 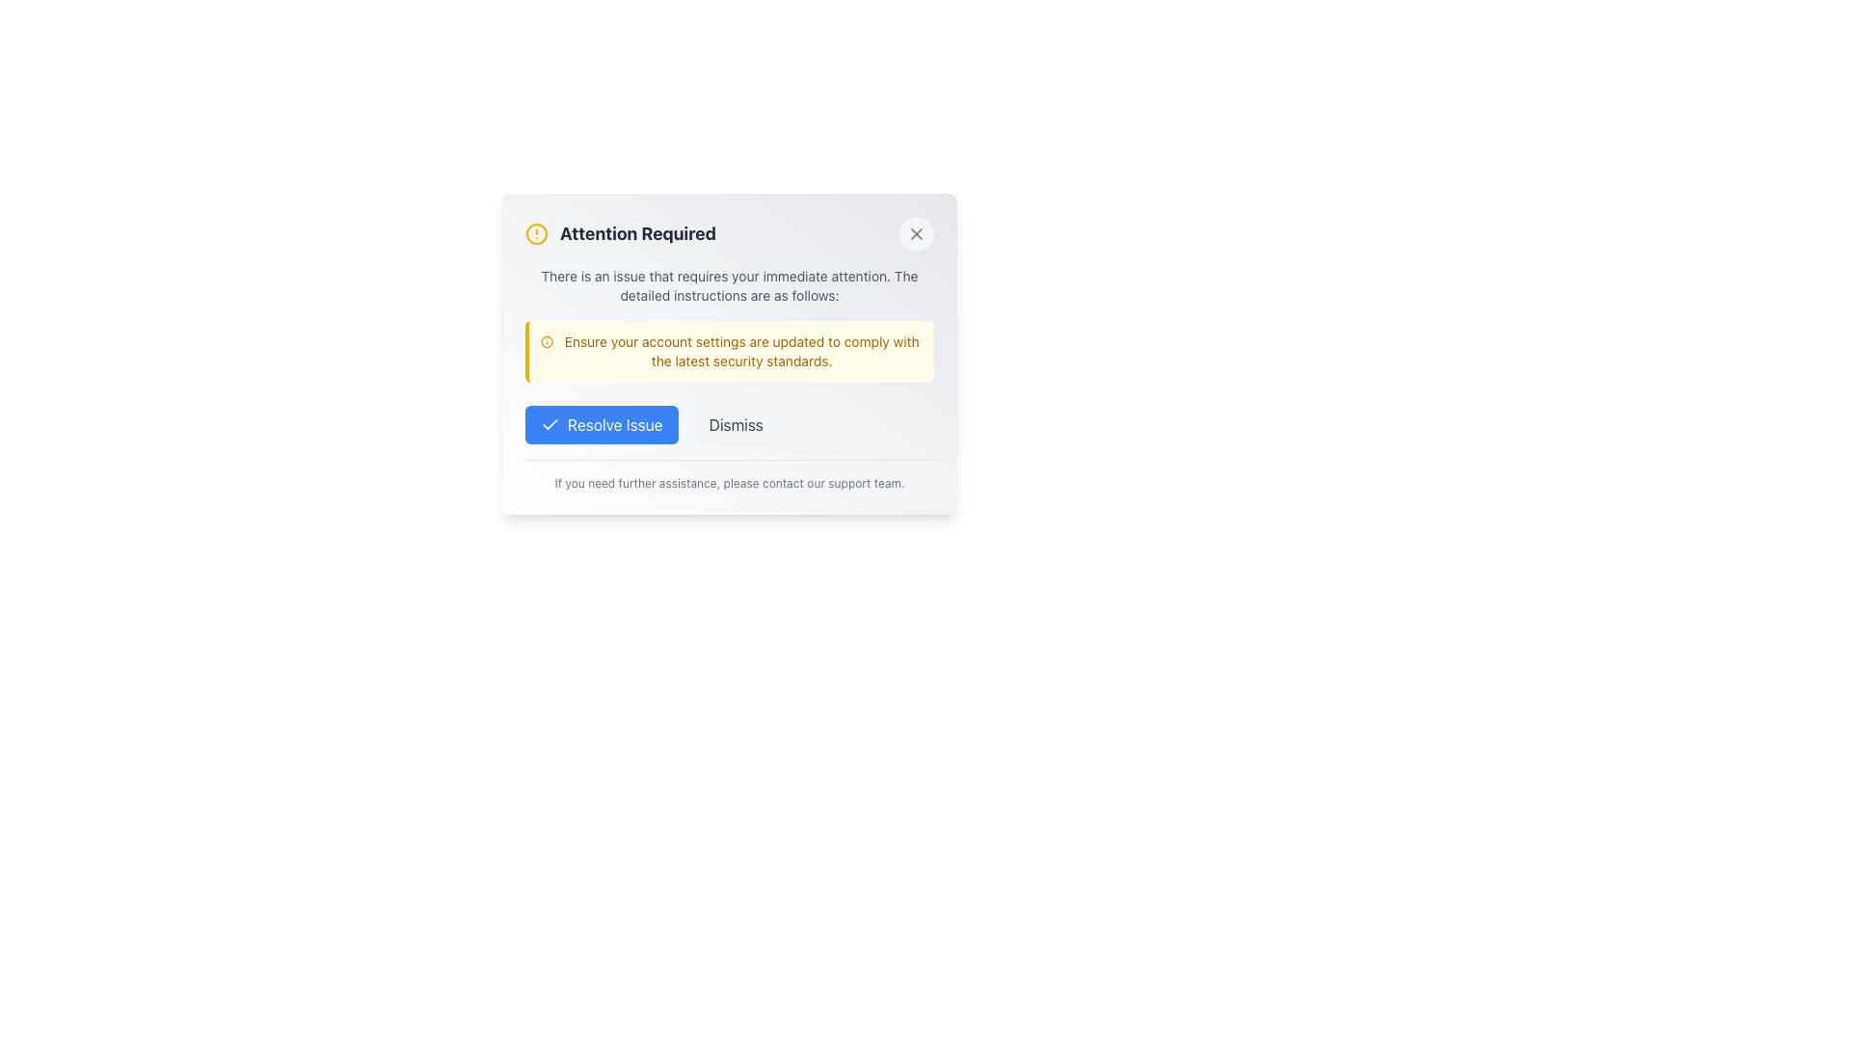 I want to click on the text block styled in a smaller font size with a yellow shade containing the message 'Ensure your account settings are updated to comply with the latest security standards.', so click(x=740, y=352).